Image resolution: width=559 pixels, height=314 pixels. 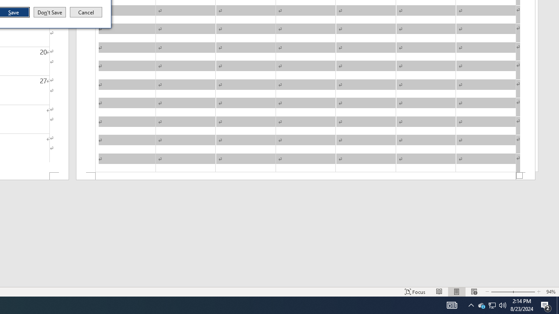 I want to click on 'User Promoted Notification Area', so click(x=492, y=304).